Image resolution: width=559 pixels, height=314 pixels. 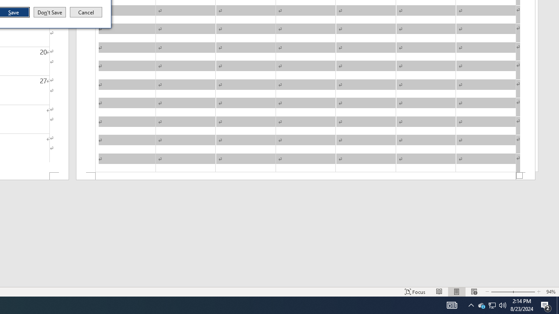 I want to click on 'User Promoted Notification Area', so click(x=492, y=304).